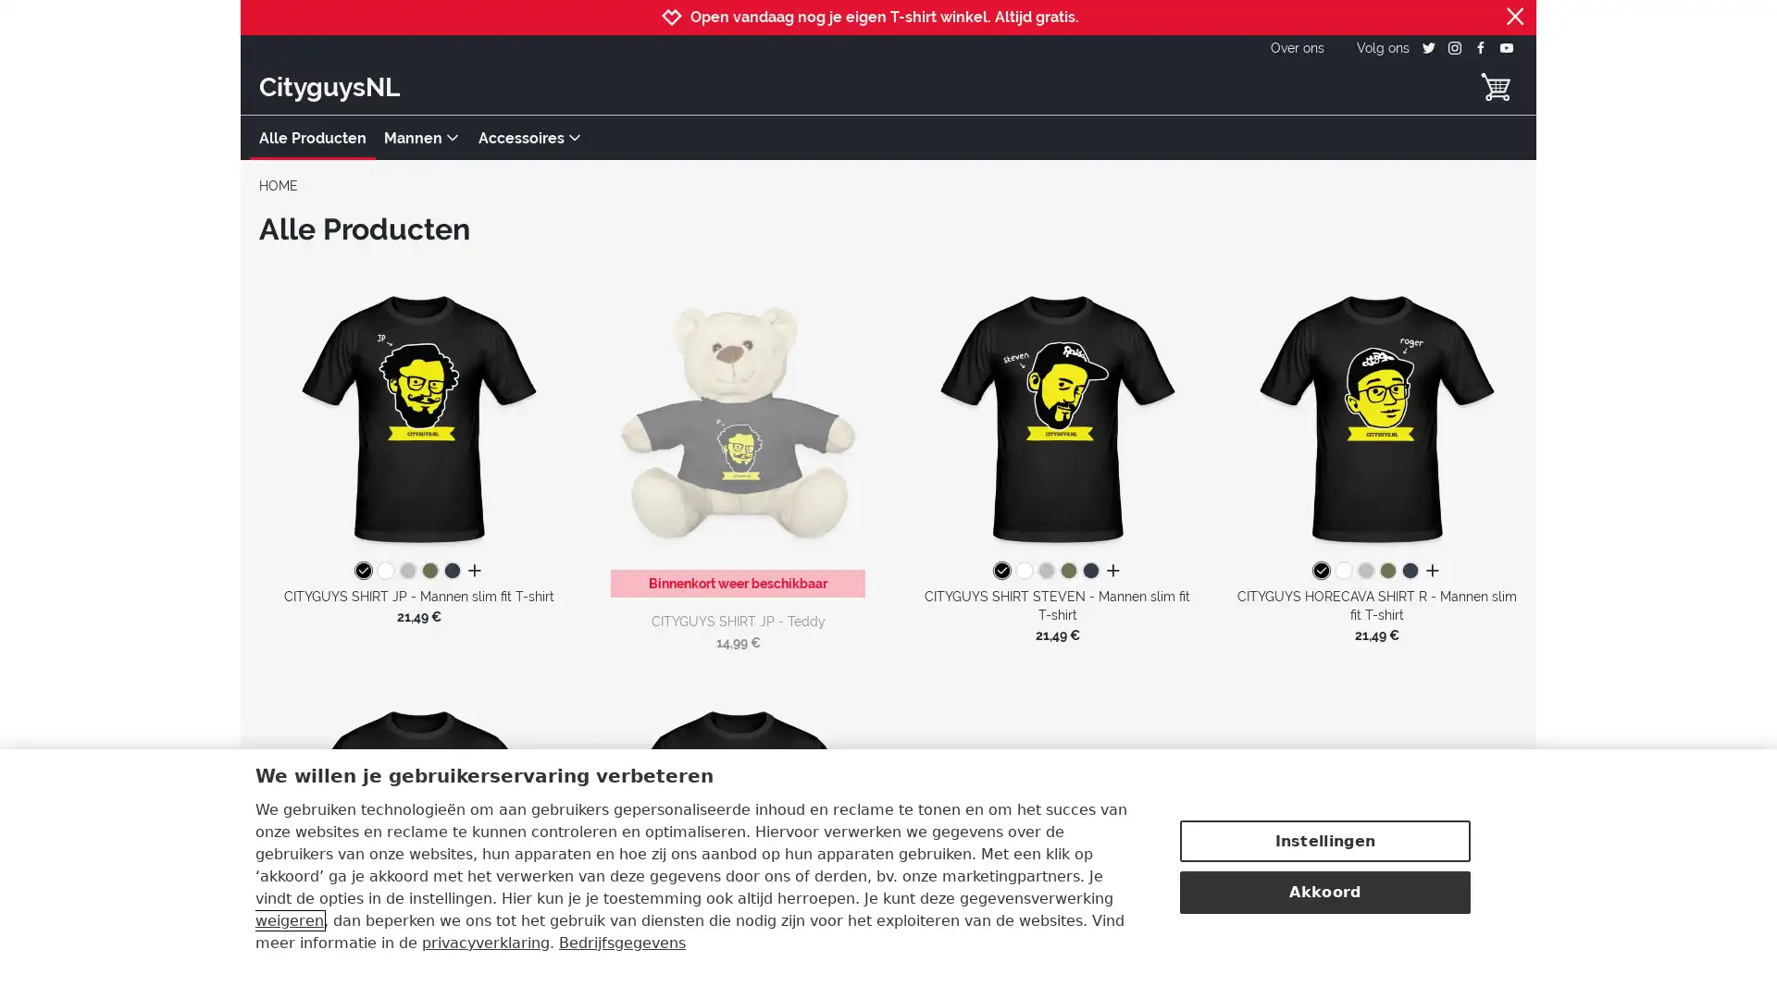 This screenshot has width=1777, height=999. I want to click on kakigroen, so click(1386, 571).